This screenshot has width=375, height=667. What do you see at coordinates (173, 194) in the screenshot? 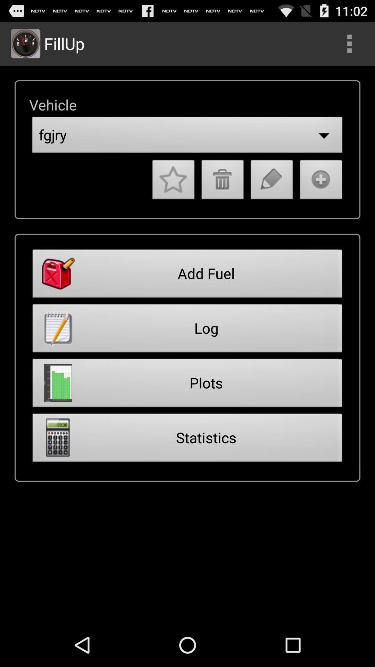
I see `the star icon` at bounding box center [173, 194].